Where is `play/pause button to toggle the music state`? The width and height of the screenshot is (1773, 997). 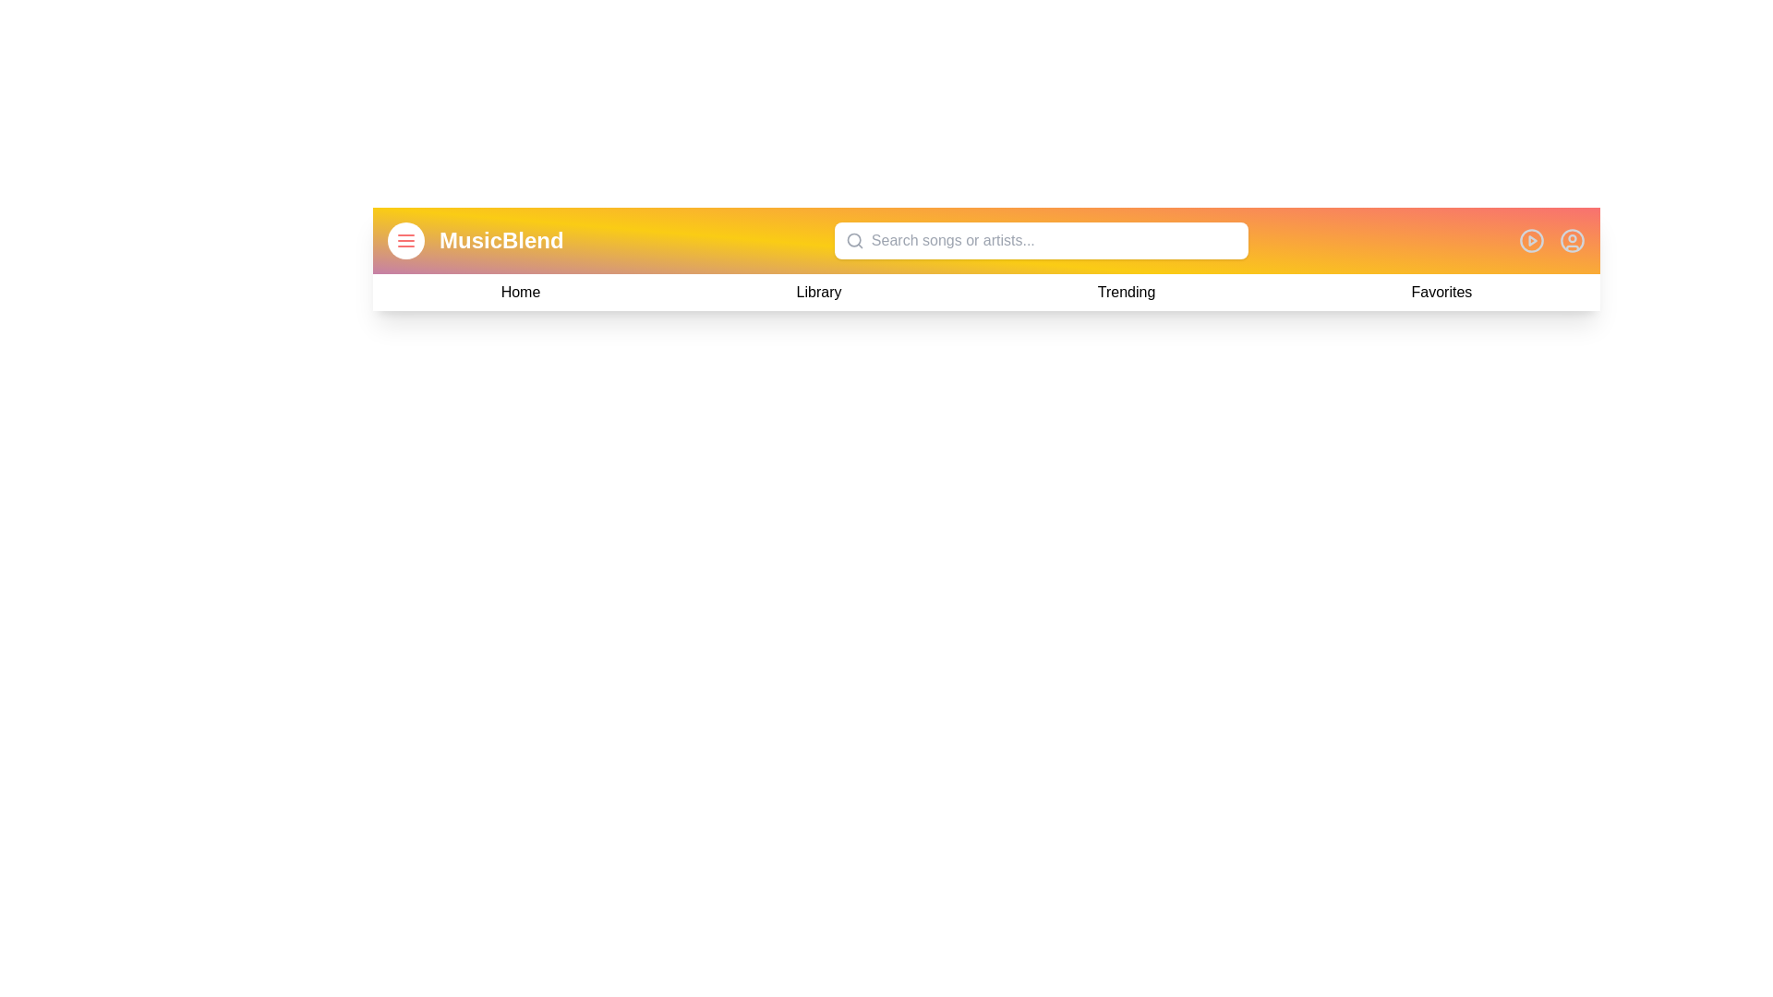
play/pause button to toggle the music state is located at coordinates (1532, 240).